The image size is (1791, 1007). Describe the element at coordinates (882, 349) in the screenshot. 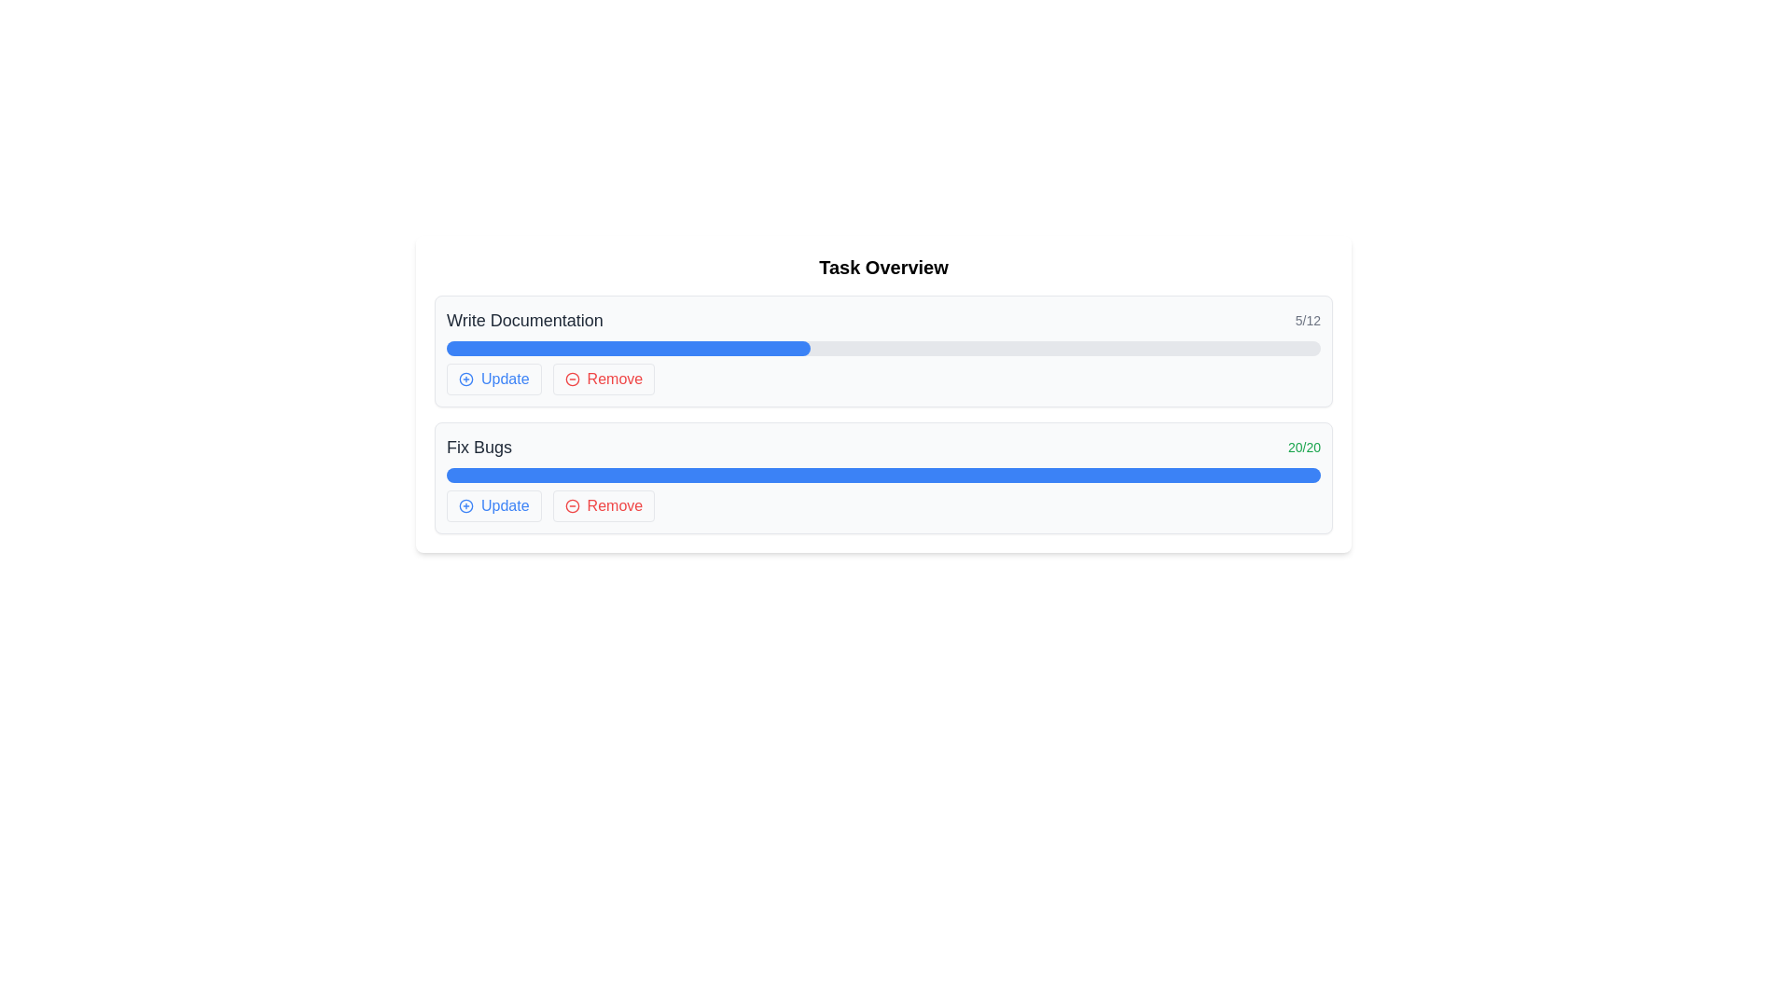

I see `the progress bar indicating 41.67% progress, located below the title 'Write Documentation 5/12' and above the action buttons 'Update' and 'Remove'` at that location.